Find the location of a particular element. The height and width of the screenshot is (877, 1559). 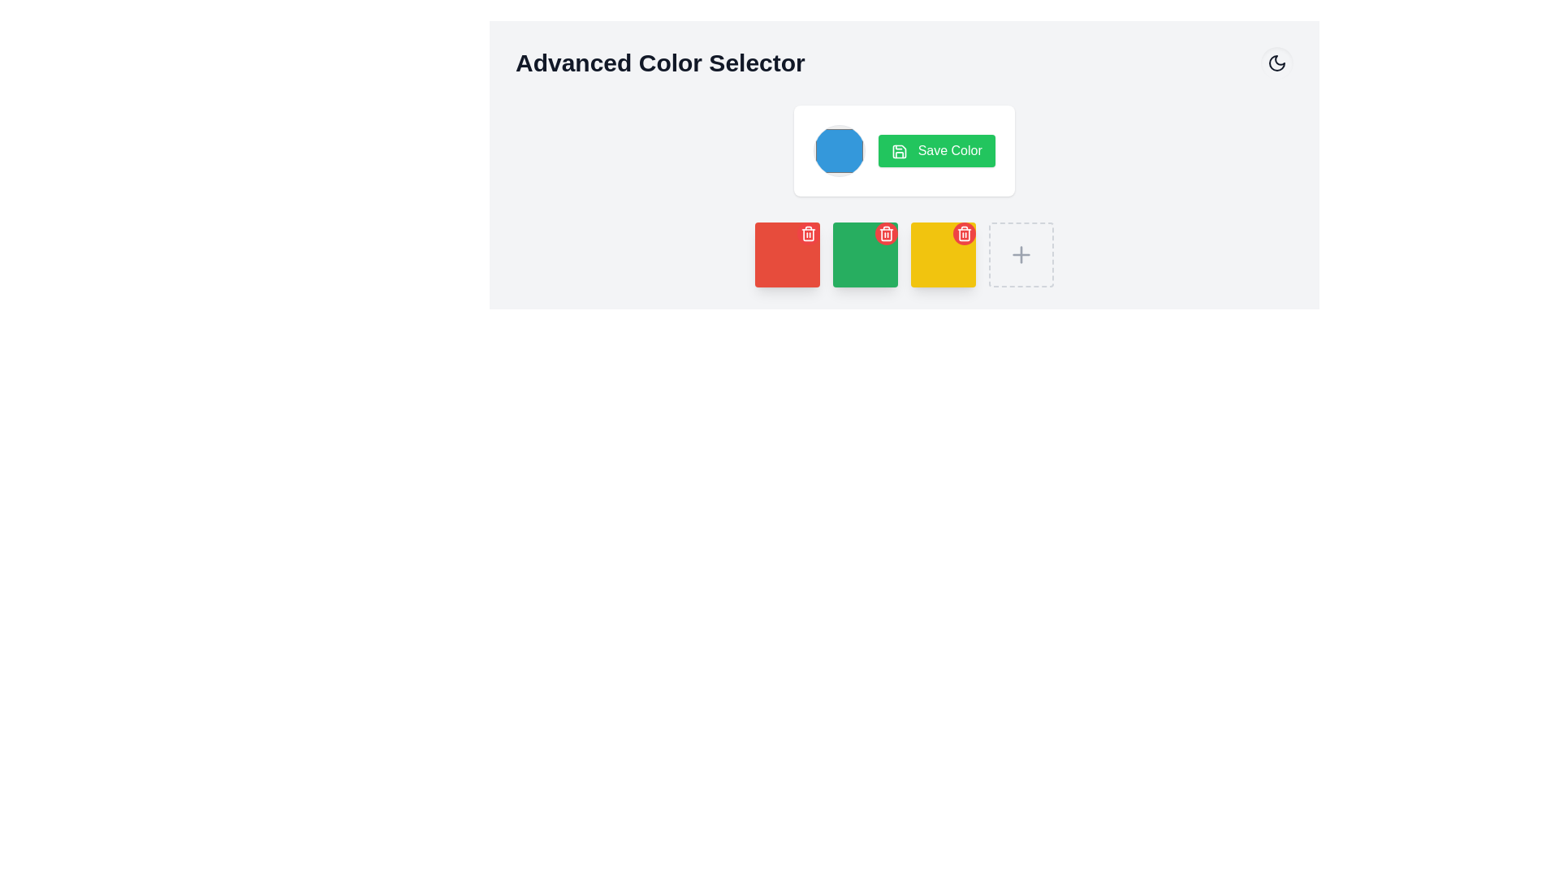

the theme toggle button located at the top-right corner of the 'Advanced Color Selector' interface, indicated by a moon symbol is located at coordinates (1276, 62).